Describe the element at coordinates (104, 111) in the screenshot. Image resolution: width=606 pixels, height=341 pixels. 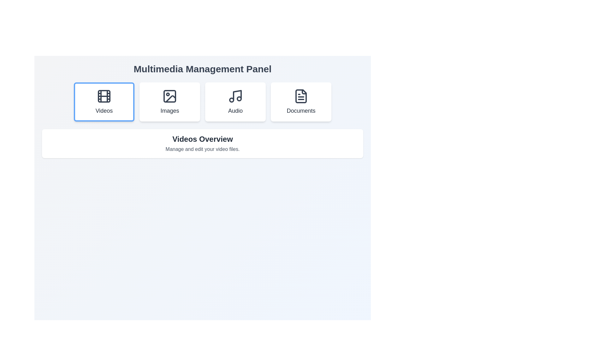
I see `the text label displaying 'Videos' in dark gray within a blue-bordered card` at that location.